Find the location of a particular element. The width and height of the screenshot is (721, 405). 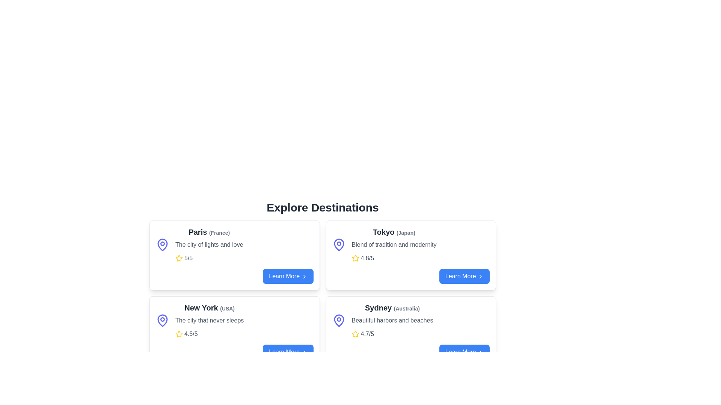

the blue button in the bottom-right corner of the New York information card is located at coordinates (234, 352).